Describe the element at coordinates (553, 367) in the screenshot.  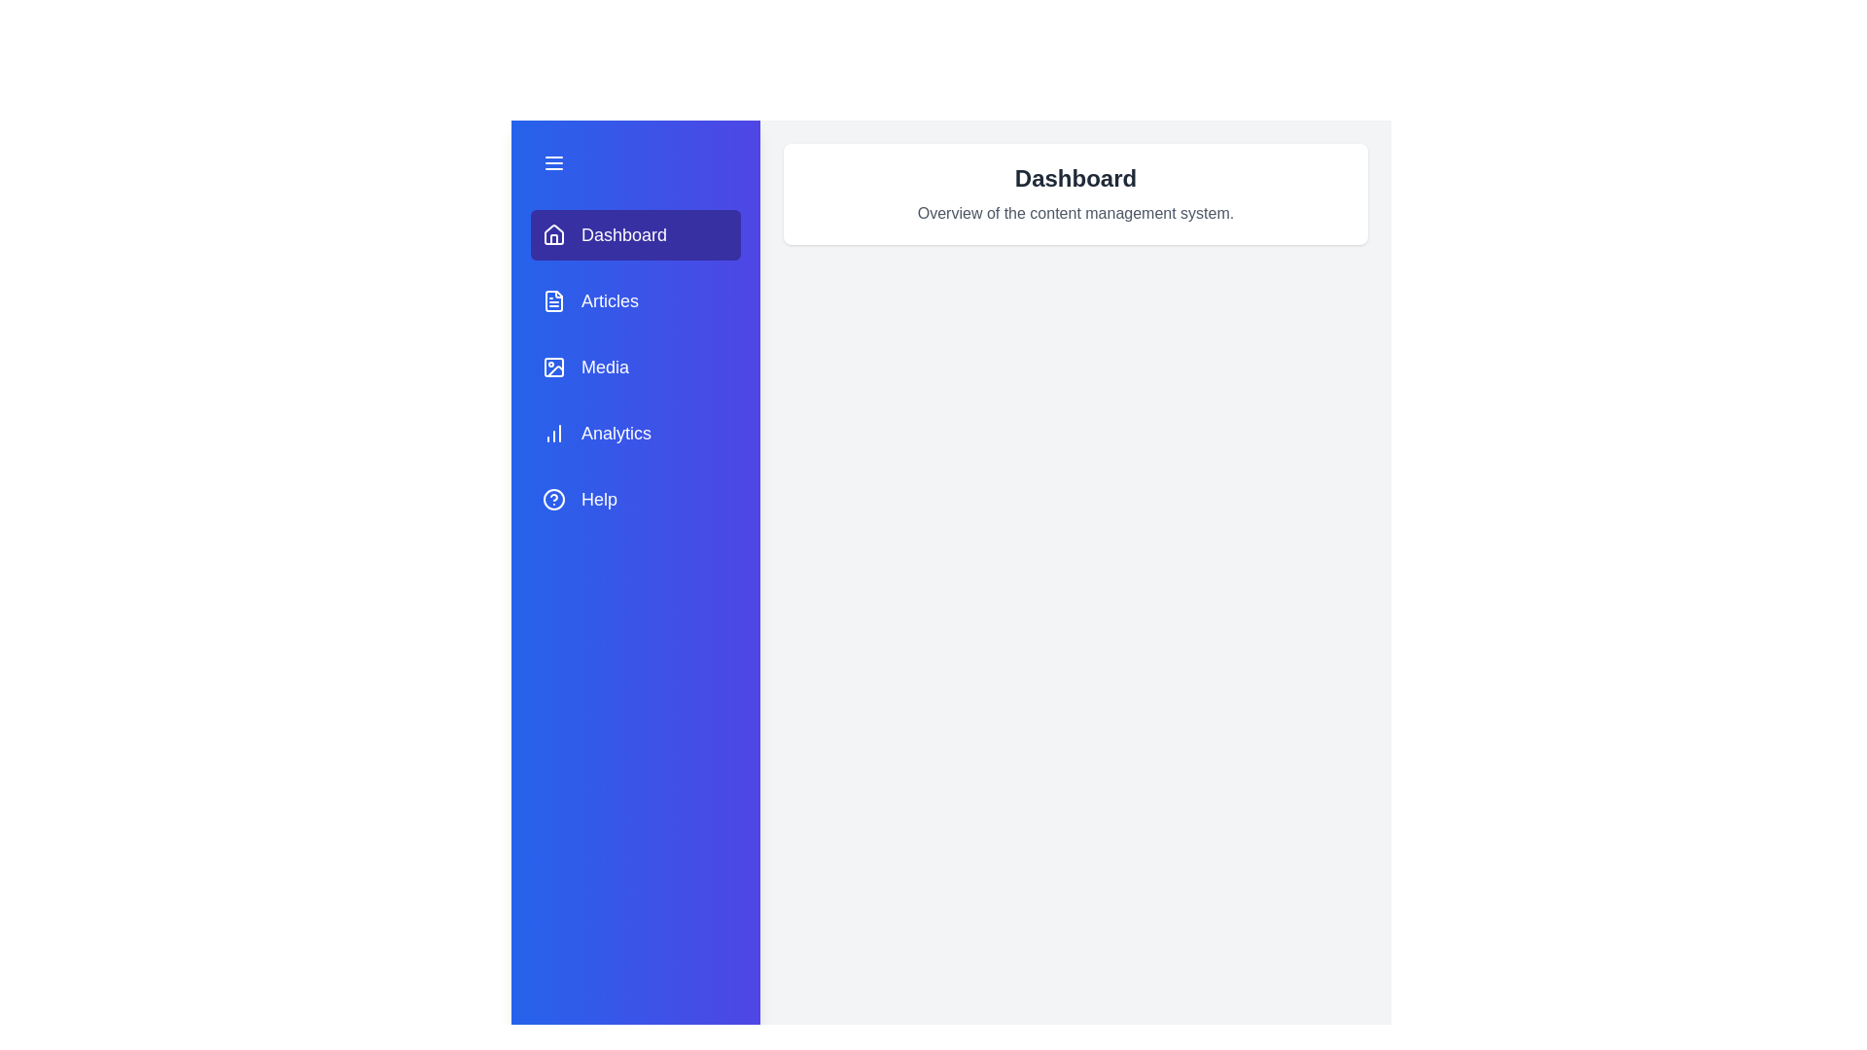
I see `the icon next to the tab labeled Media to inspect its details` at that location.